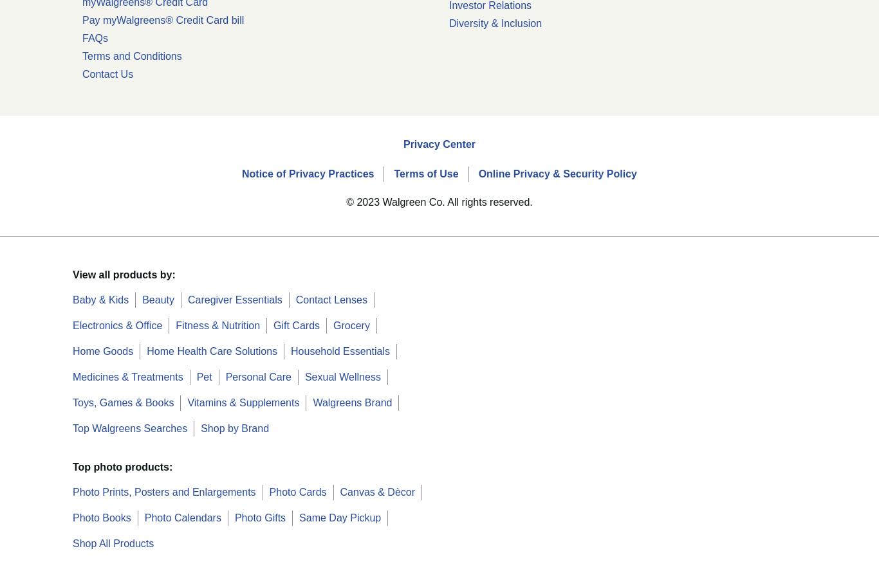 This screenshot has width=879, height=587. What do you see at coordinates (352, 401) in the screenshot?
I see `'Walgreens Brand'` at bounding box center [352, 401].